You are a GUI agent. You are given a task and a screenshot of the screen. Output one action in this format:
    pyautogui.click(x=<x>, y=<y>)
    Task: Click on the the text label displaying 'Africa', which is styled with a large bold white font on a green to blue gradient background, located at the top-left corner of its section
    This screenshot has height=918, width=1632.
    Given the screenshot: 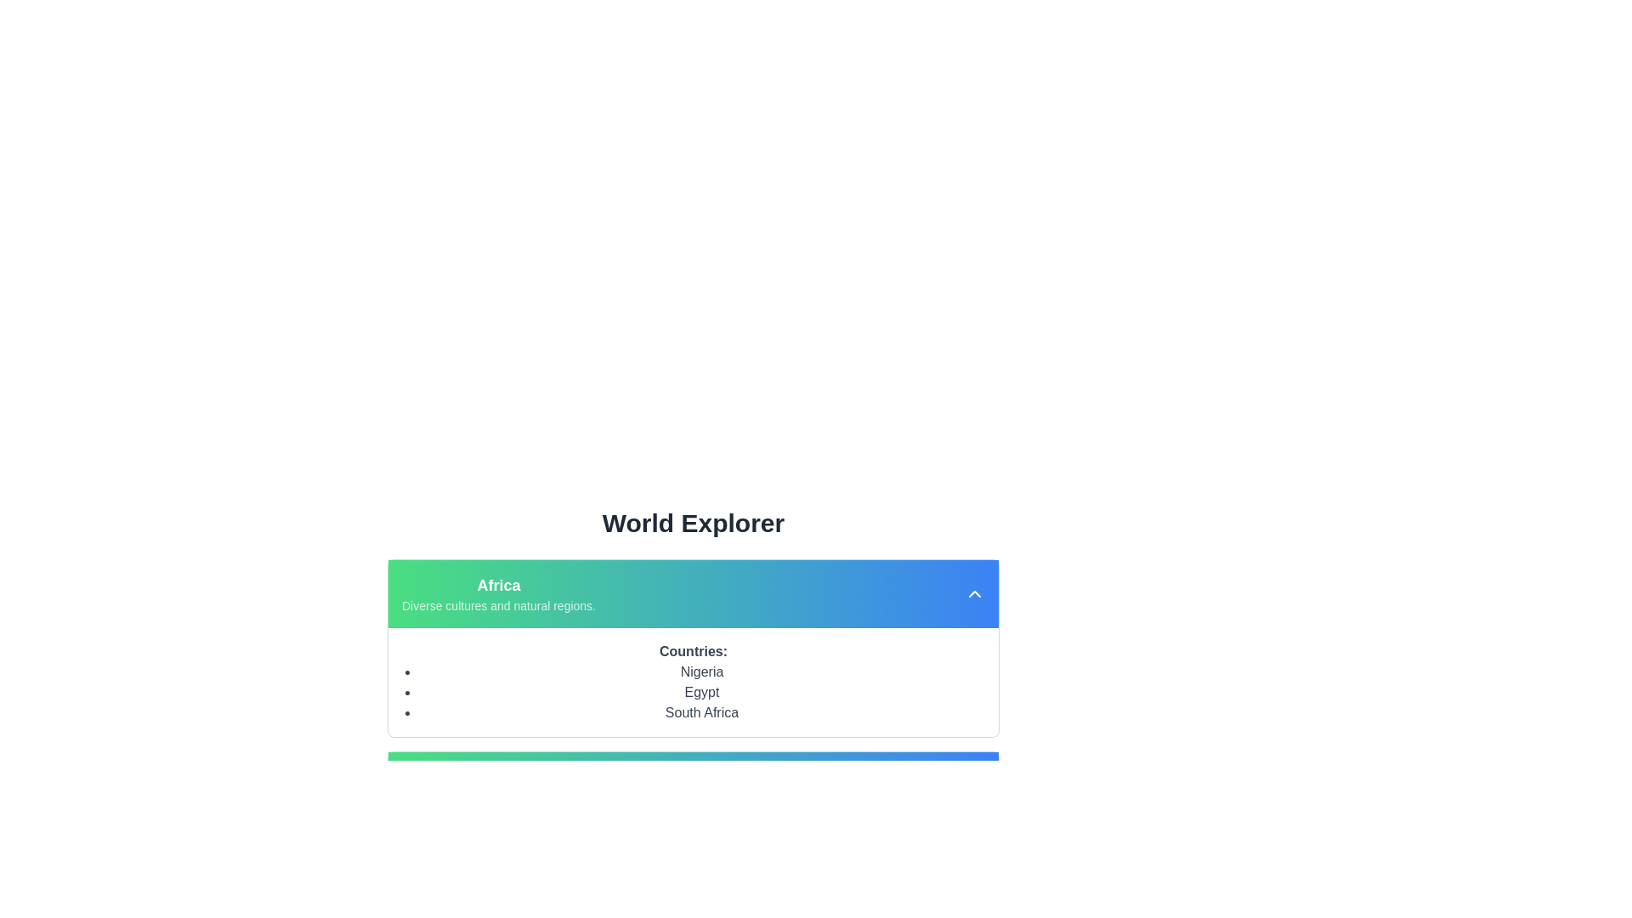 What is the action you would take?
    pyautogui.click(x=497, y=585)
    